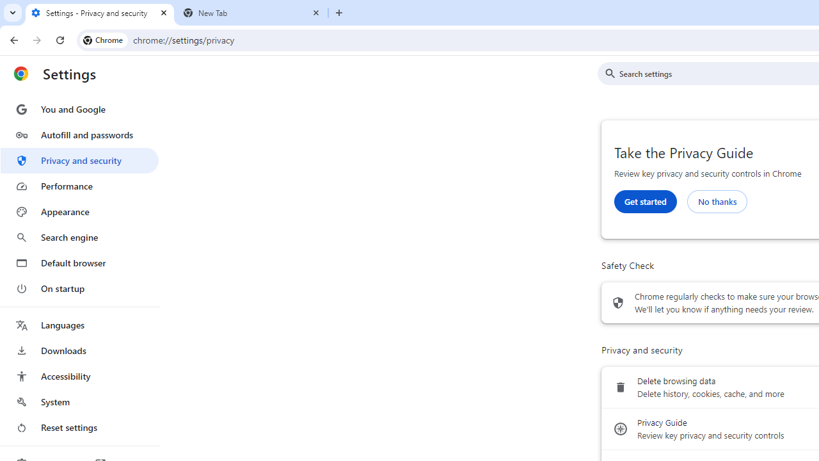 This screenshot has width=819, height=461. Describe the element at coordinates (79, 134) in the screenshot. I see `'Autofill and passwords'` at that location.